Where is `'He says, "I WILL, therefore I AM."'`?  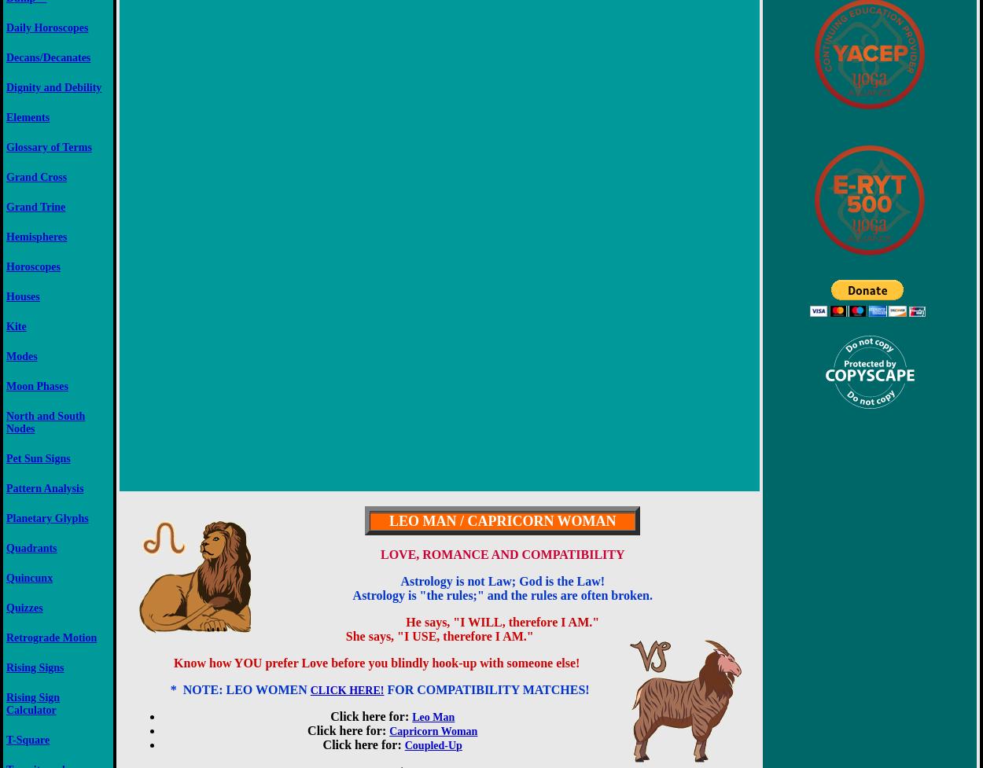 'He says, "I WILL, therefore I AM."' is located at coordinates (503, 622).